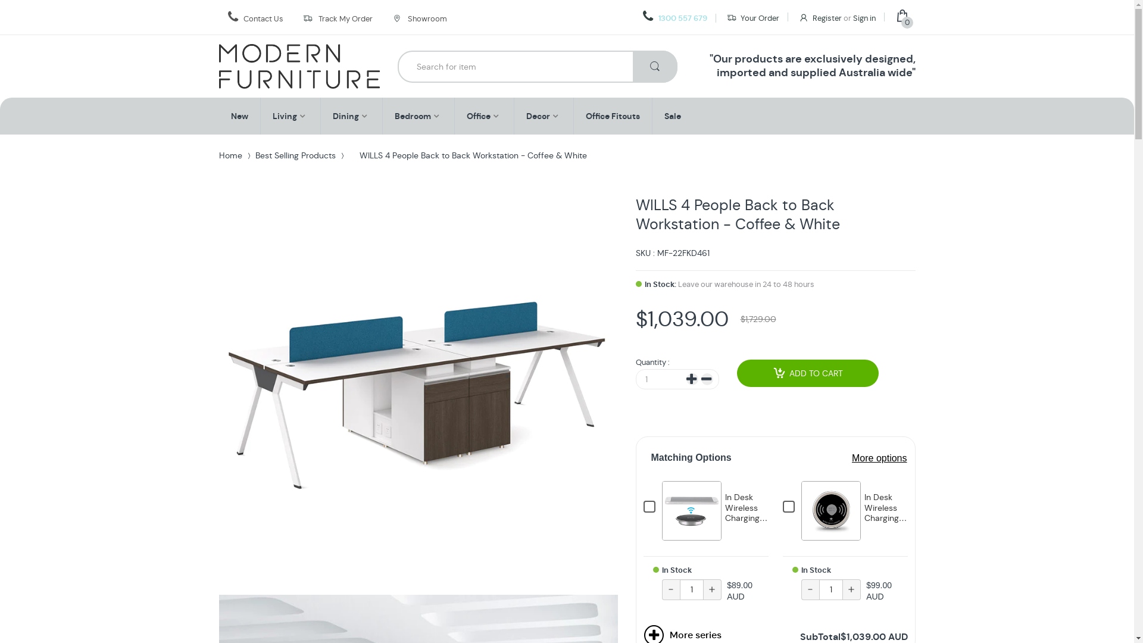 The height and width of the screenshot is (643, 1143). What do you see at coordinates (295, 155) in the screenshot?
I see `'Best Selling Products'` at bounding box center [295, 155].